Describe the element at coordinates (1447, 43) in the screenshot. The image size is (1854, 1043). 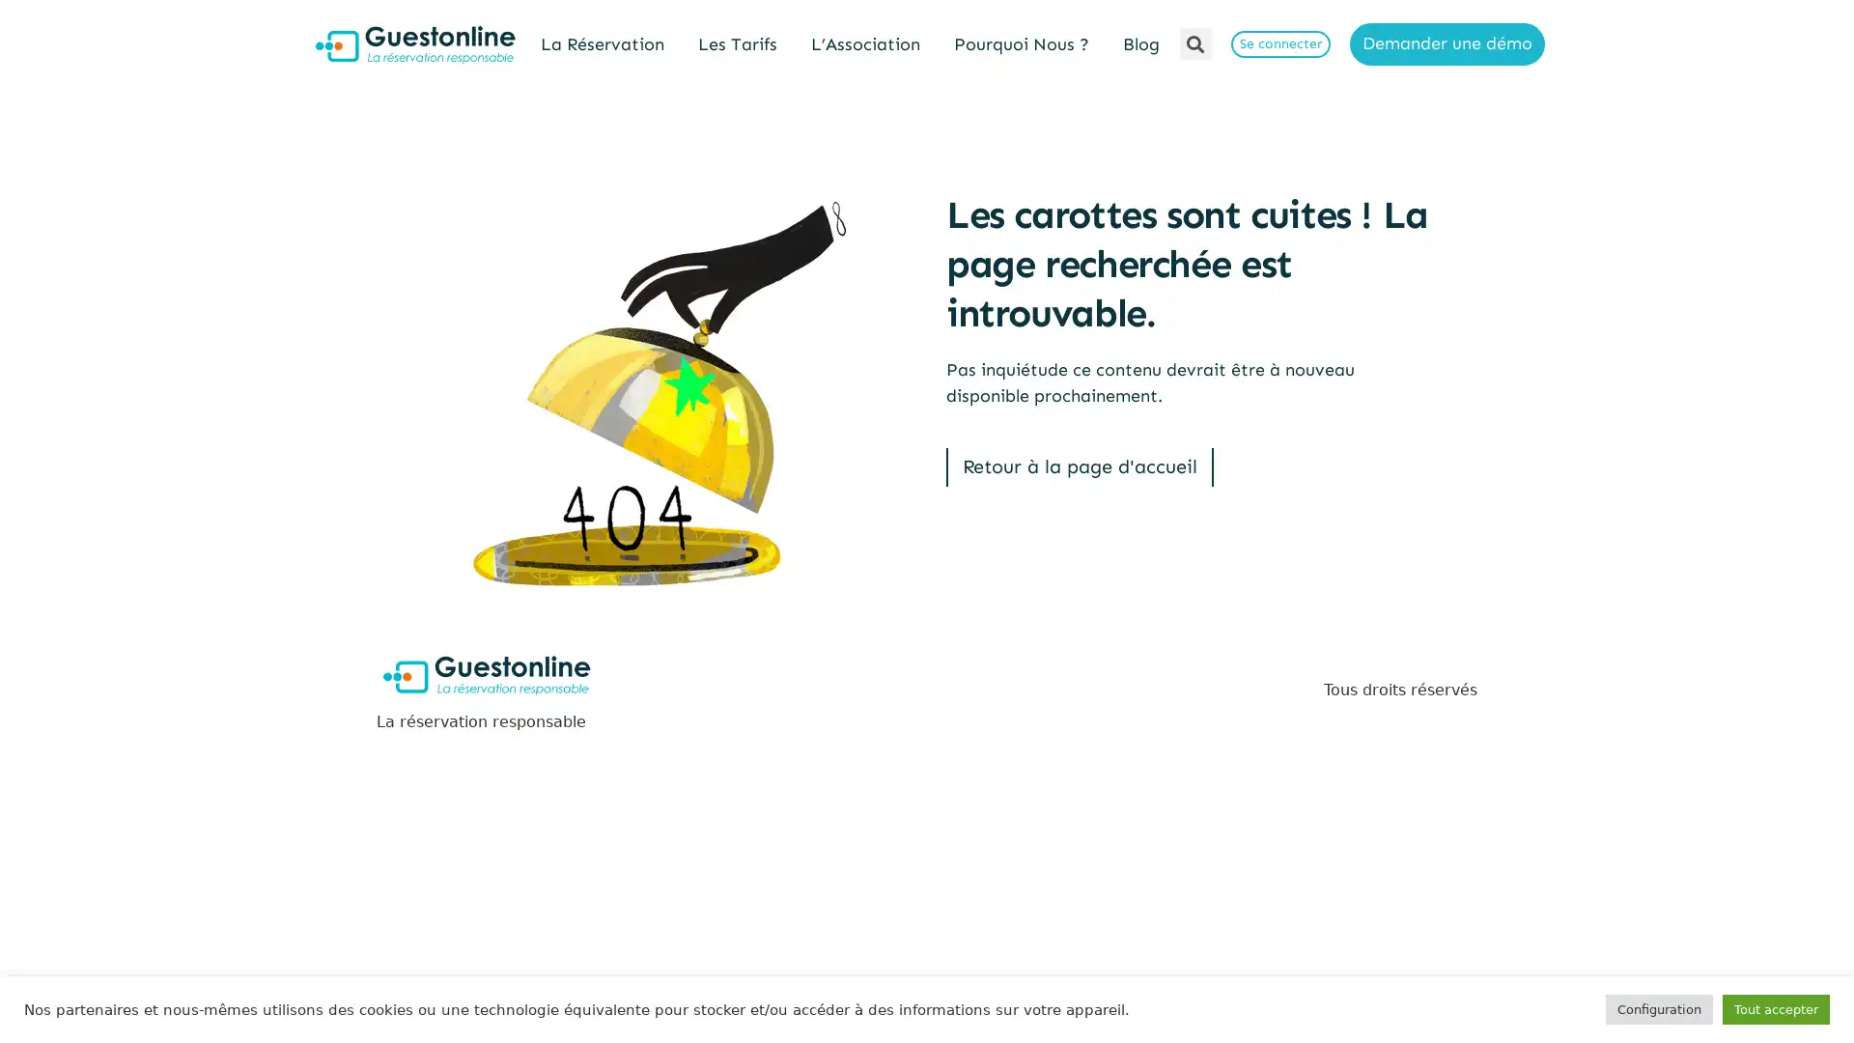
I see `Demander une demo` at that location.